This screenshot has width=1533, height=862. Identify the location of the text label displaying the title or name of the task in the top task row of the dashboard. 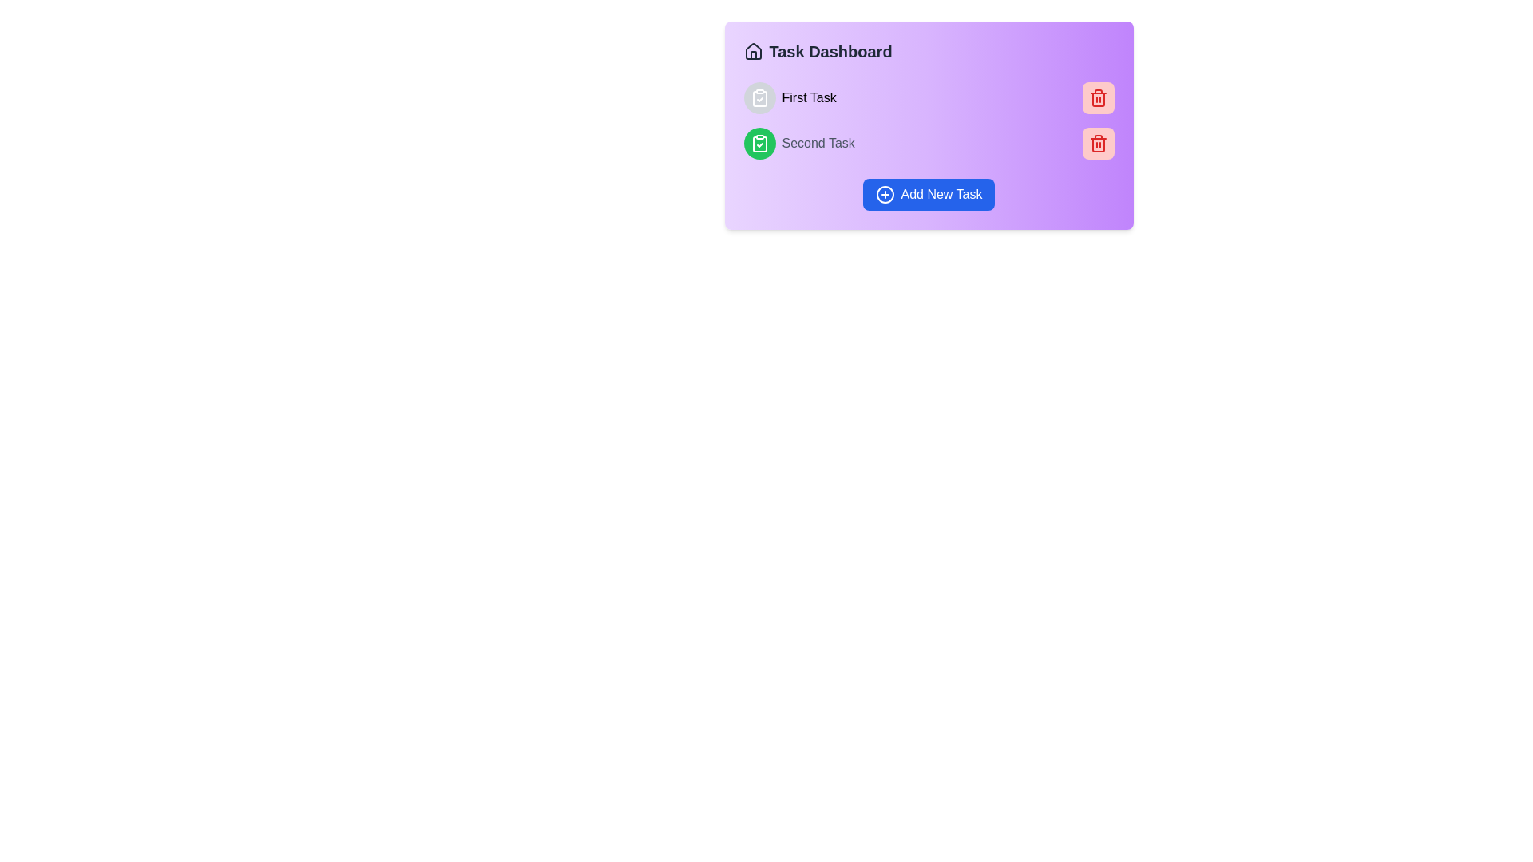
(809, 98).